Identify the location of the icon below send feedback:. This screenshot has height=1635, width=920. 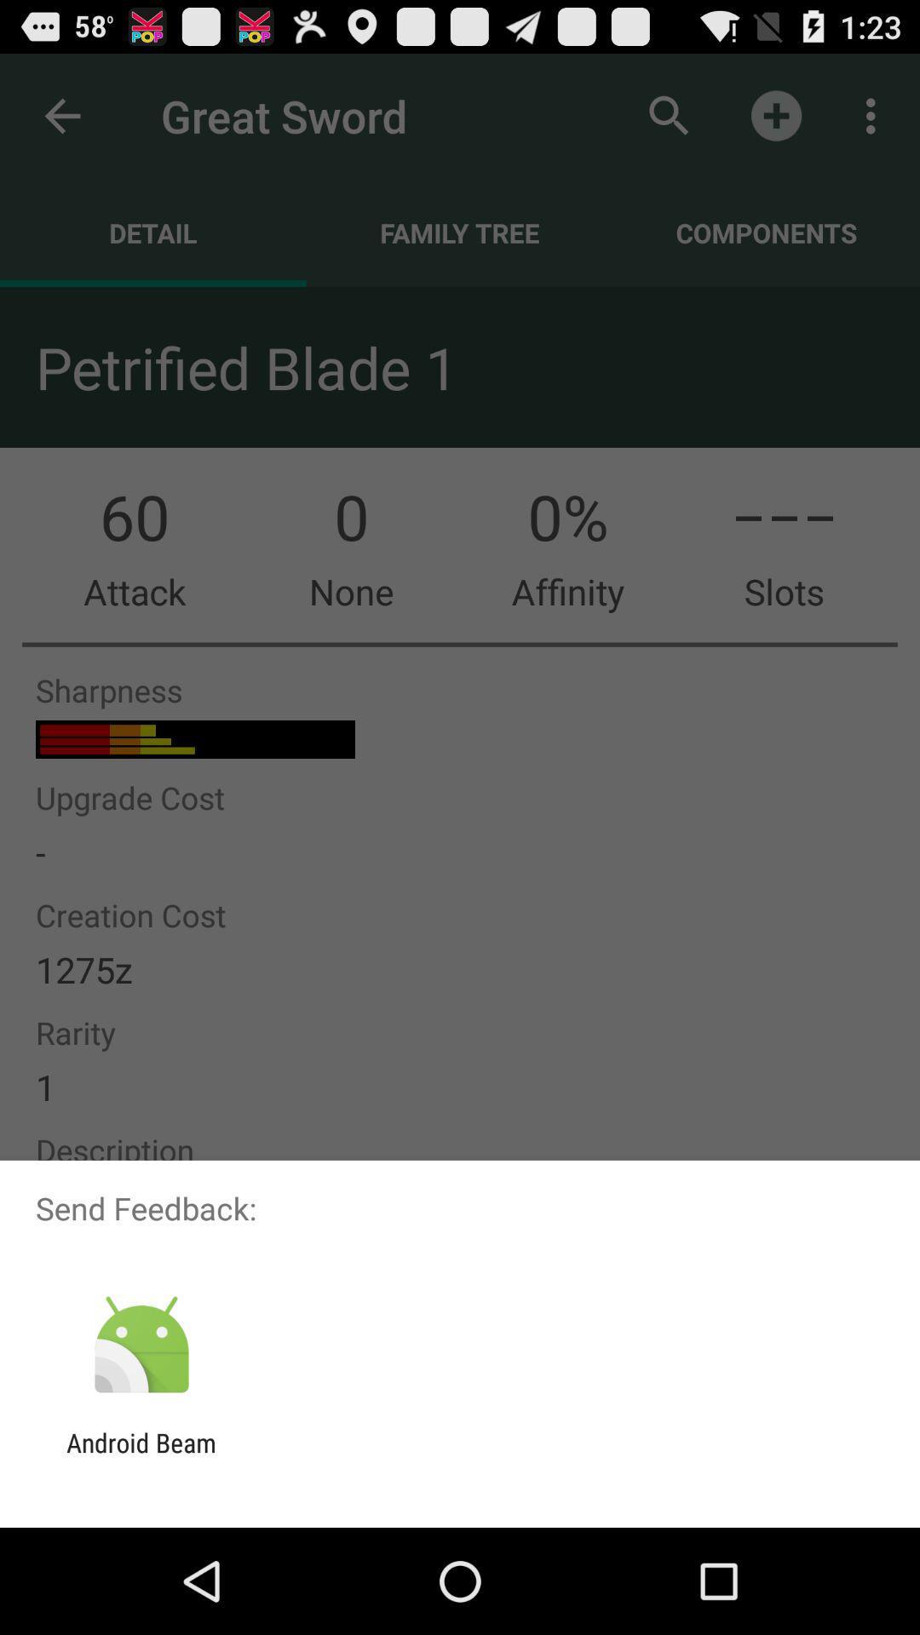
(141, 1345).